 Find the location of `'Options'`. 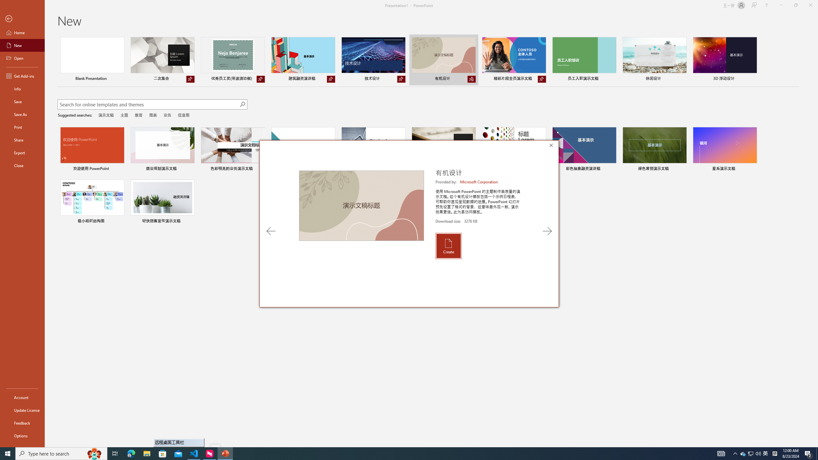

'Options' is located at coordinates (22, 435).